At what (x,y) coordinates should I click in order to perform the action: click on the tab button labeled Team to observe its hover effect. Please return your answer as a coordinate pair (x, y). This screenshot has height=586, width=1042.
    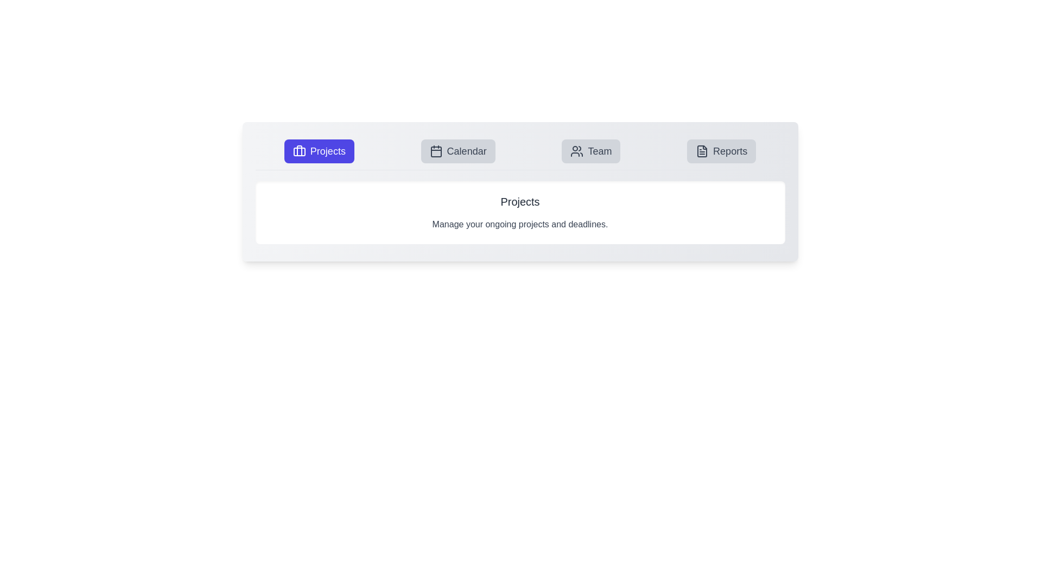
    Looking at the image, I should click on (590, 151).